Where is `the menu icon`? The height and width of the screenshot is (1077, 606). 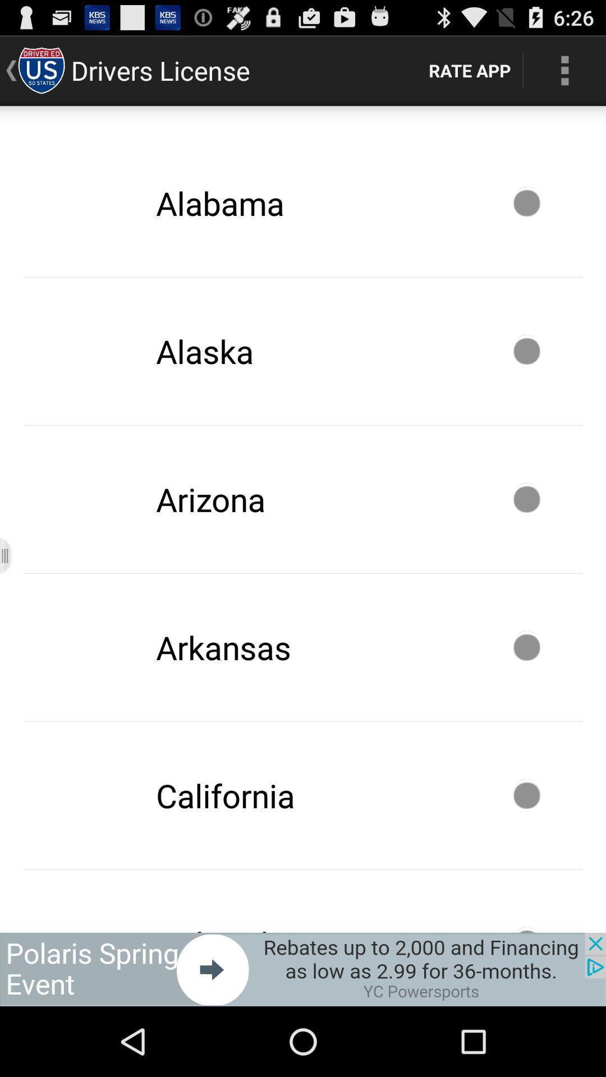
the menu icon is located at coordinates (13, 594).